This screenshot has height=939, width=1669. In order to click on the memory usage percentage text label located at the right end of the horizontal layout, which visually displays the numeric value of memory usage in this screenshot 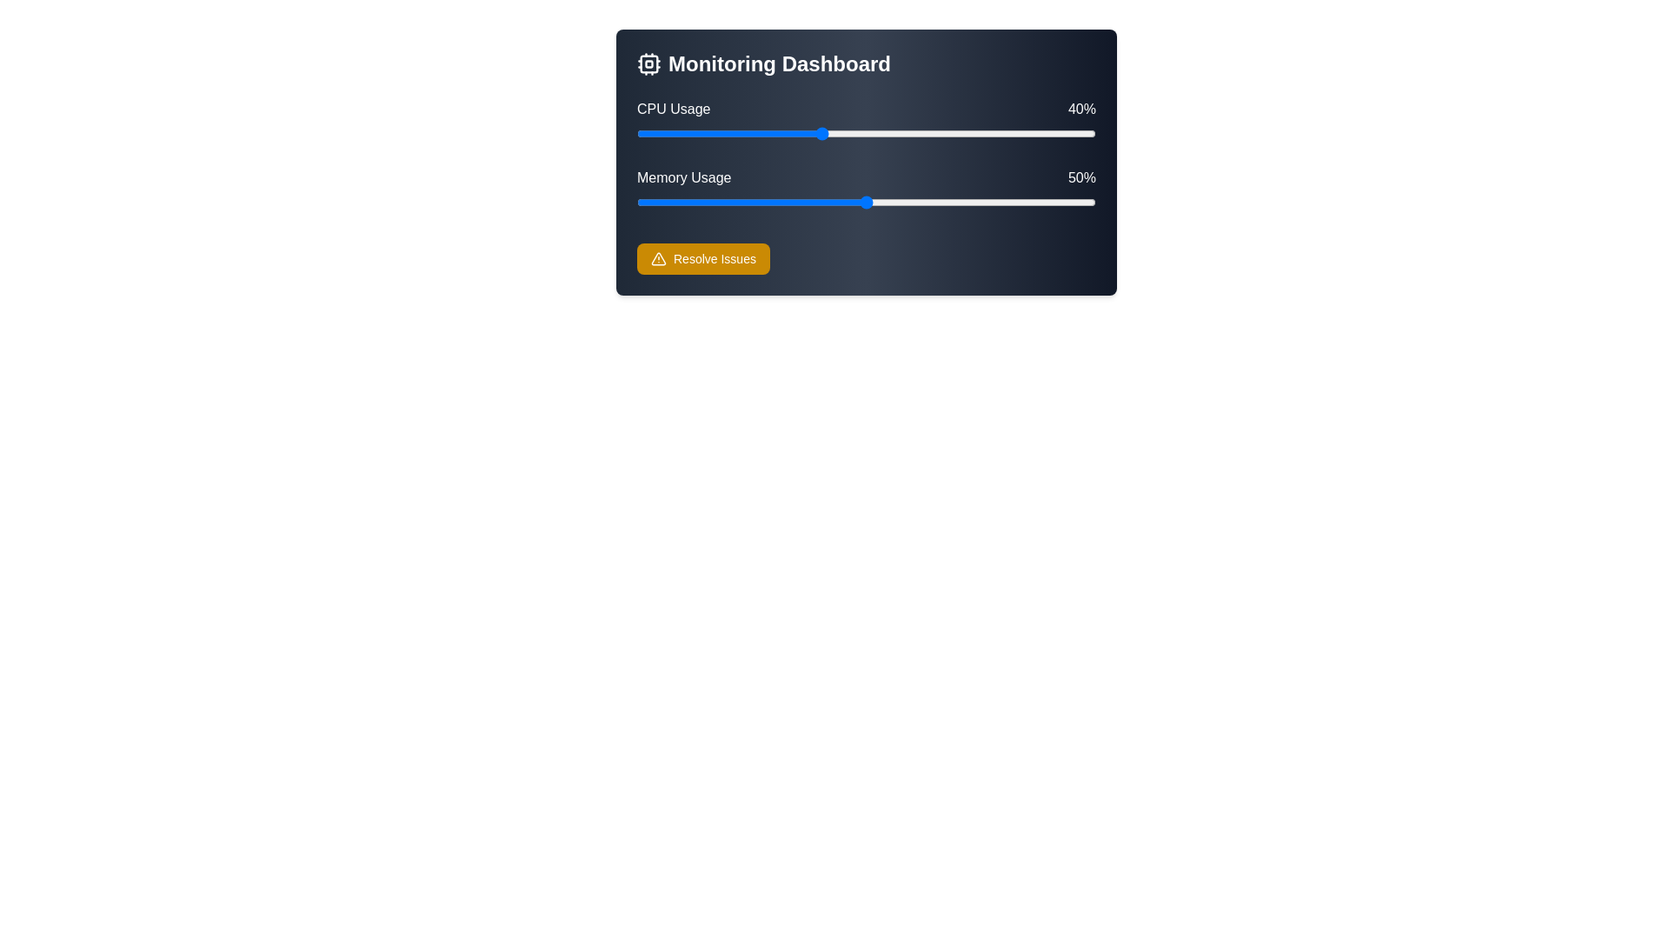, I will do `click(1081, 177)`.